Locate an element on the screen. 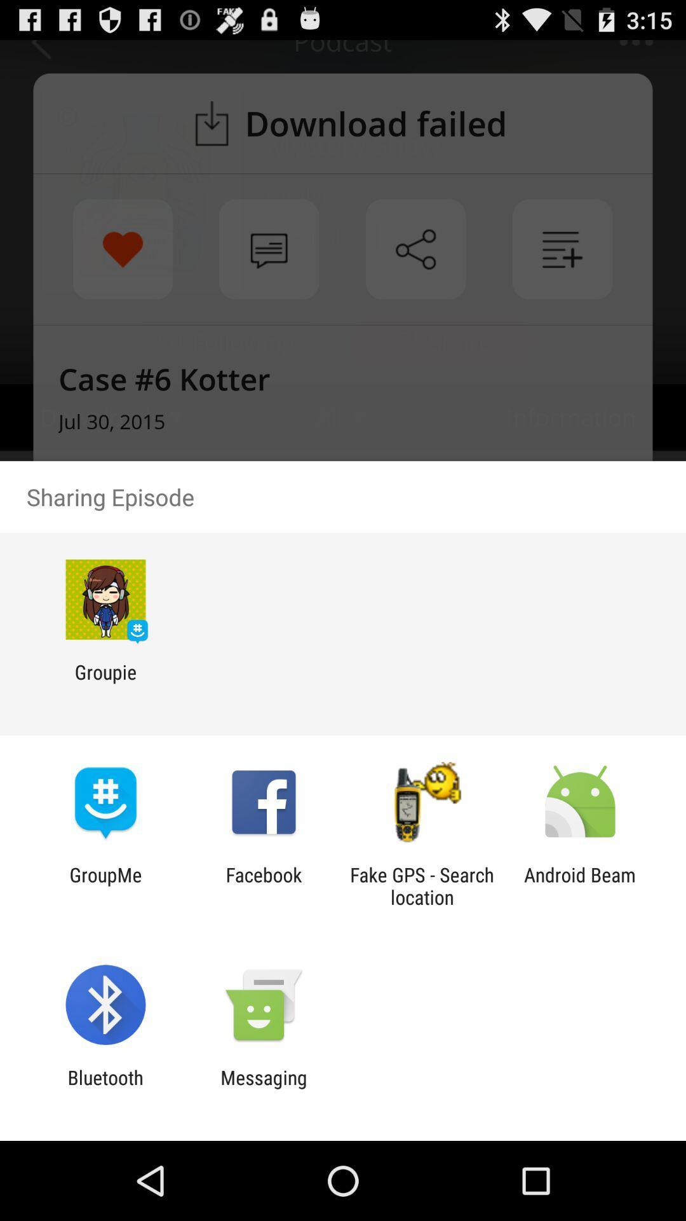 The image size is (686, 1221). the app to the left of the messaging app is located at coordinates (105, 1088).